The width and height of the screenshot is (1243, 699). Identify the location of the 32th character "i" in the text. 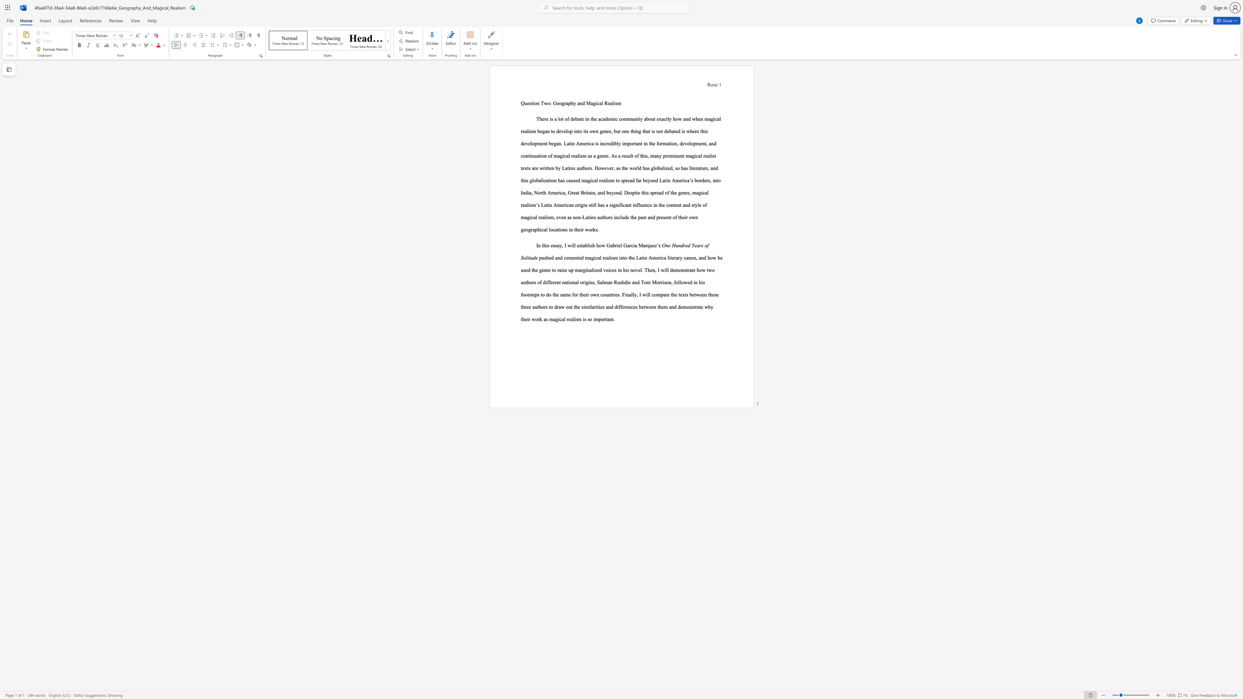
(691, 167).